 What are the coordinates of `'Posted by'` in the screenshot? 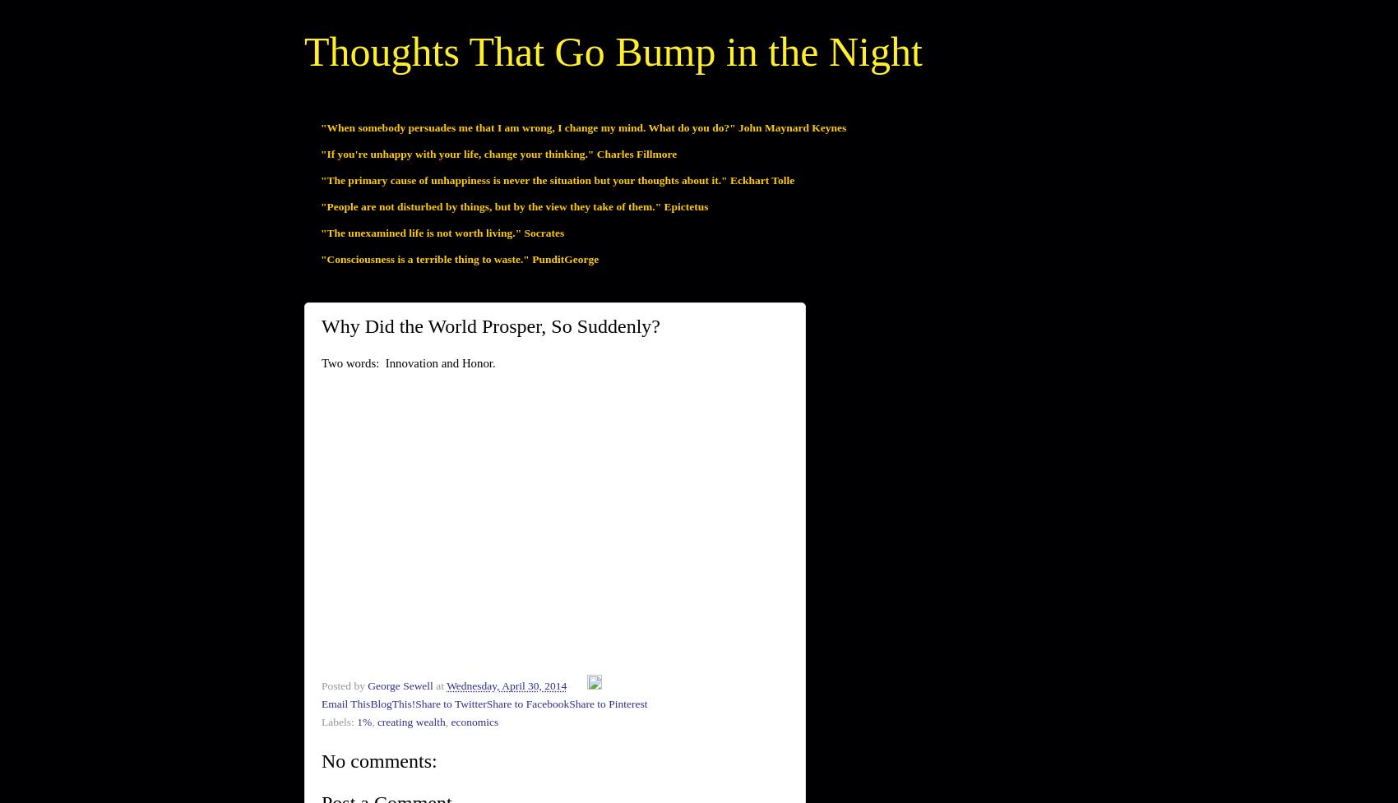 It's located at (344, 685).